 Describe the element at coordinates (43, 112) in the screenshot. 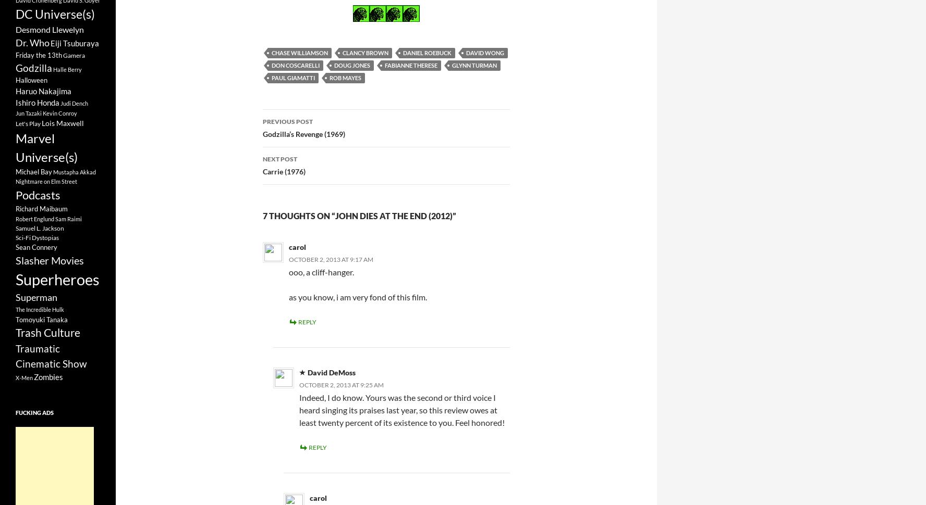

I see `'Kevin Conroy'` at that location.